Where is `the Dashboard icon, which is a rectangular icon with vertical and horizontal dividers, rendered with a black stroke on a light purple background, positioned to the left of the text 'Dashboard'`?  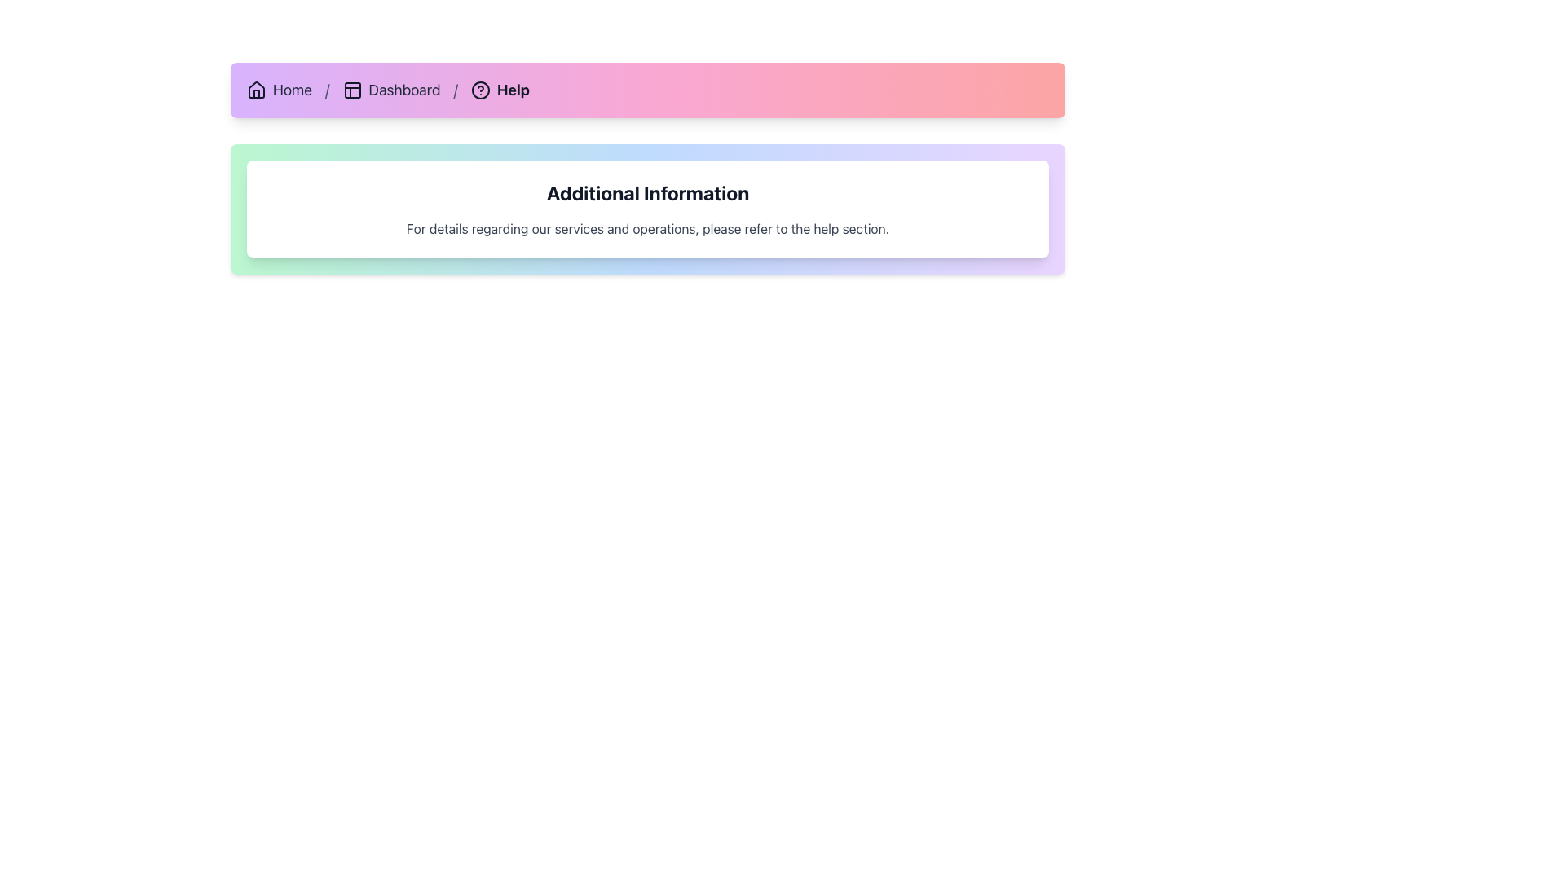
the Dashboard icon, which is a rectangular icon with vertical and horizontal dividers, rendered with a black stroke on a light purple background, positioned to the left of the text 'Dashboard' is located at coordinates (351, 90).